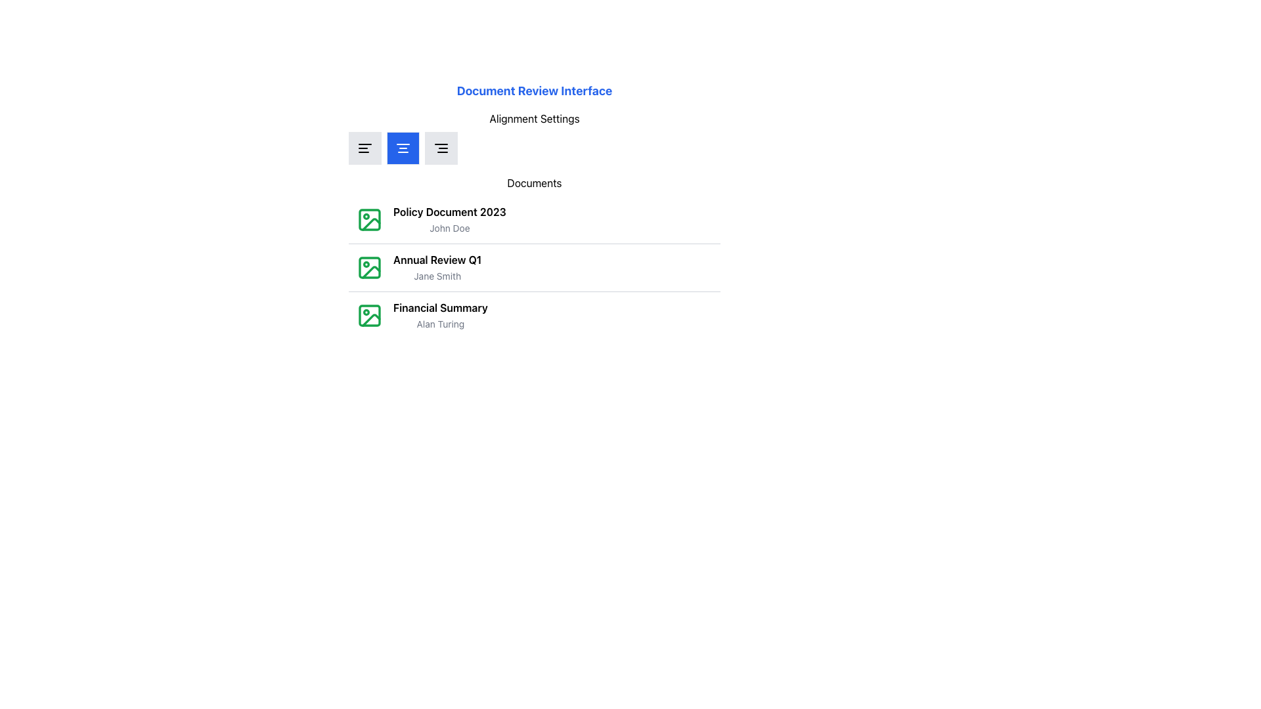 Image resolution: width=1261 pixels, height=709 pixels. What do you see at coordinates (535, 183) in the screenshot?
I see `text from the 'Documents' text label, which is centrally positioned above a list of document entries` at bounding box center [535, 183].